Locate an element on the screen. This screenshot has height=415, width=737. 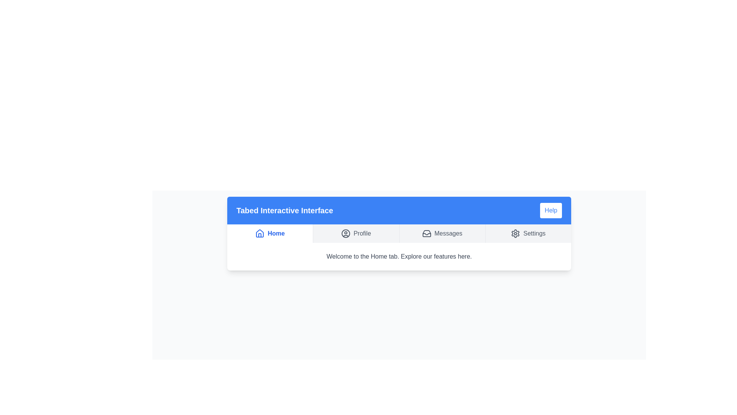
the help button located at the far-right end of the blue bar, which provides access to help or support resources is located at coordinates (550, 210).